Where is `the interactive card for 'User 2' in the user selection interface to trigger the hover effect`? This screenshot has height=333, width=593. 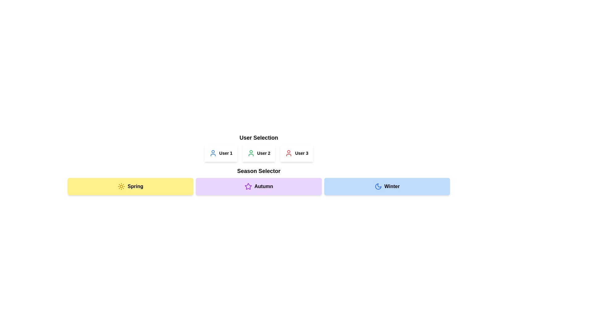
the interactive card for 'User 2' in the user selection interface to trigger the hover effect is located at coordinates (259, 153).